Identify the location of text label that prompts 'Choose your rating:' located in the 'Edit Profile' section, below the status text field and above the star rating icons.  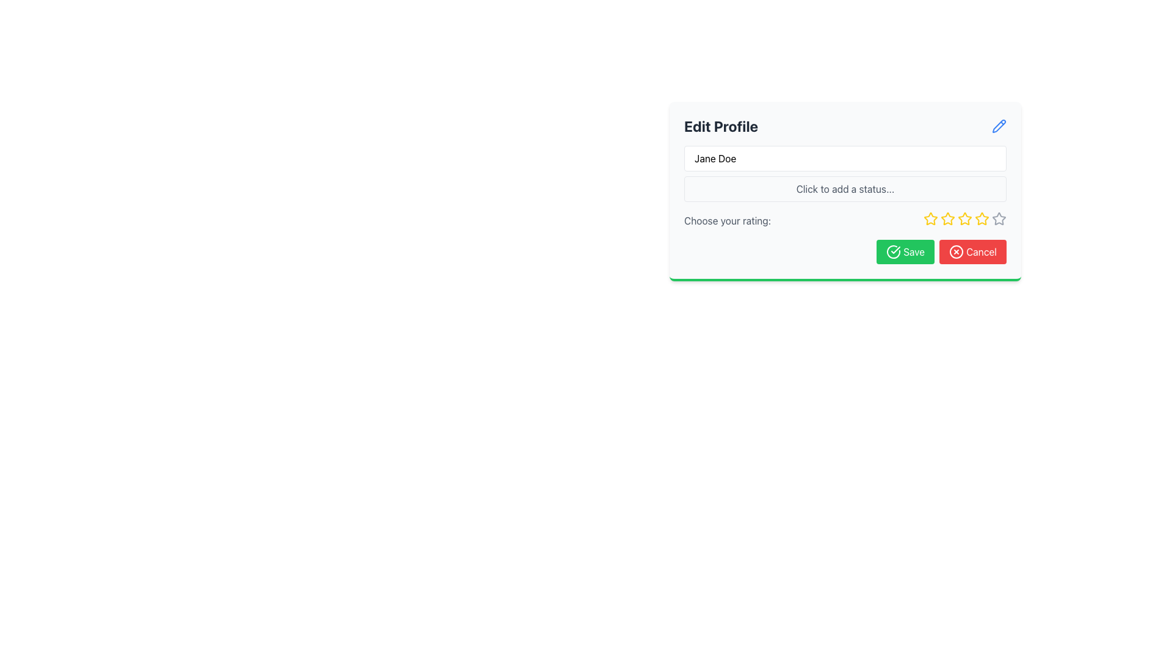
(728, 221).